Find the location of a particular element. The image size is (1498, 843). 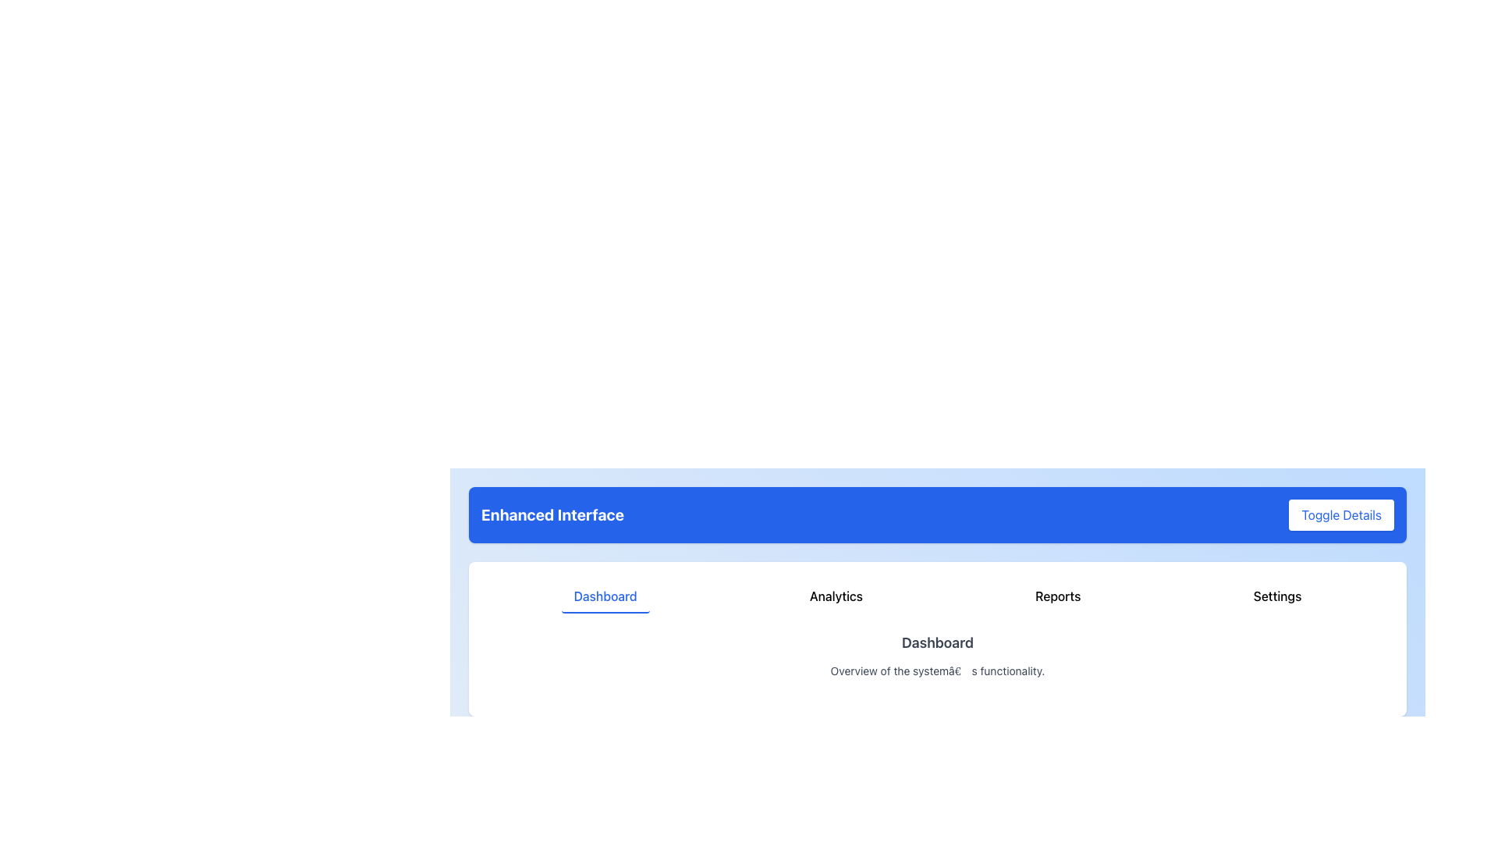

the 'Settings' tab in the navigation bar is located at coordinates (1277, 596).